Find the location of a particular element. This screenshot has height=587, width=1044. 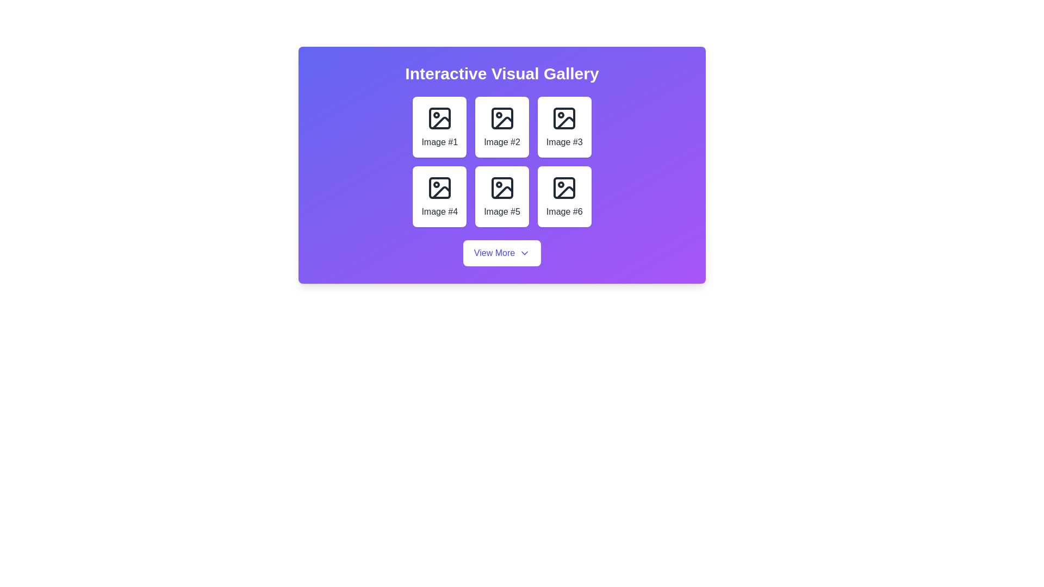

the gallery cell containing the sixth image icon in the grid layout is located at coordinates (565, 192).